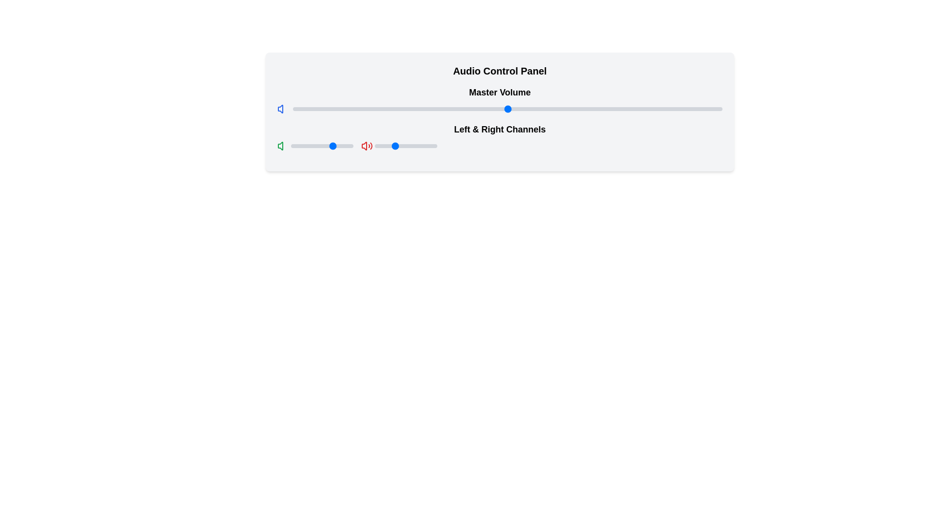  I want to click on the left-right channel balance, so click(350, 146).